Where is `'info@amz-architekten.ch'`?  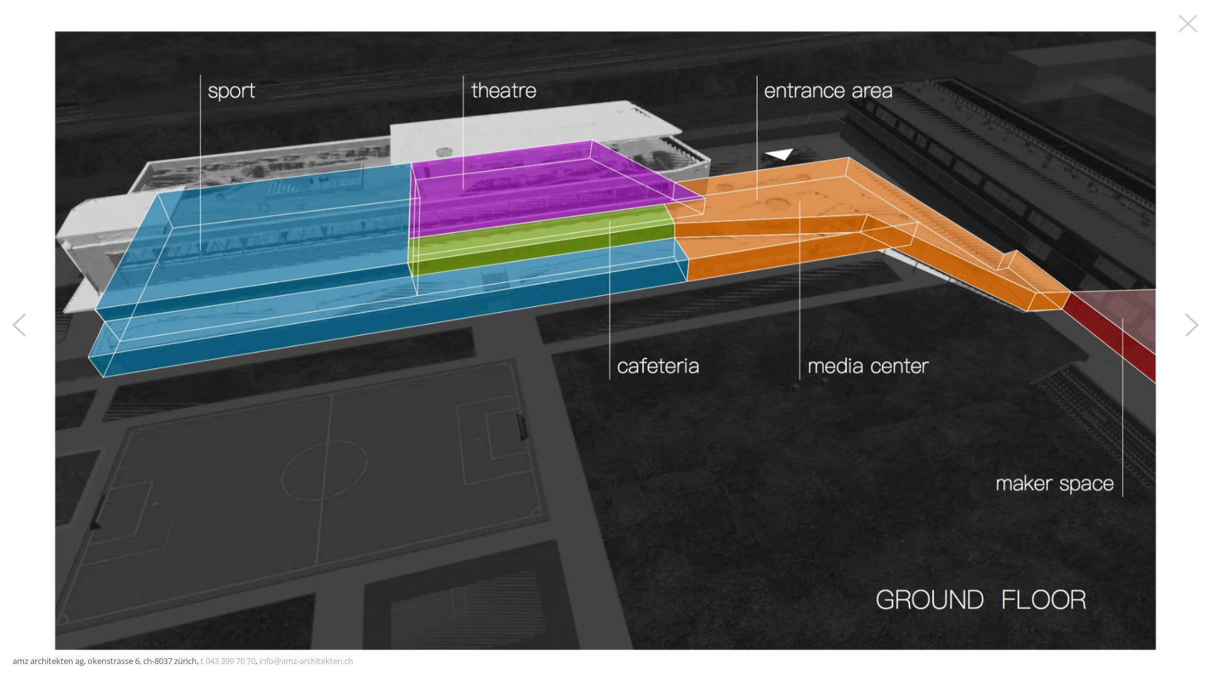
'info@amz-architekten.ch' is located at coordinates (306, 660).